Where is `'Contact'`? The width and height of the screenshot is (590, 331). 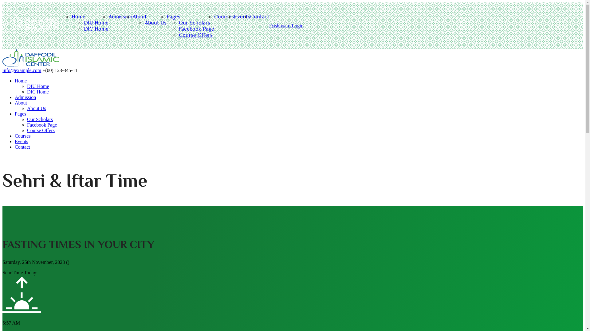
'Contact' is located at coordinates (15, 147).